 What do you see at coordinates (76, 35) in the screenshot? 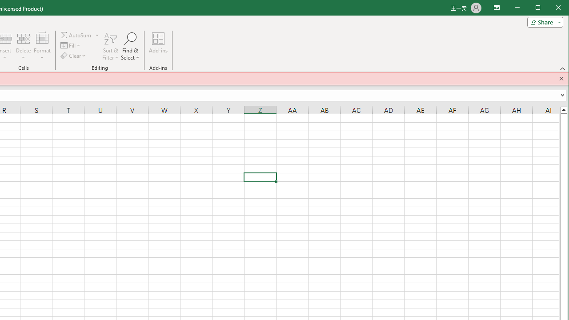
I see `'Sum'` at bounding box center [76, 35].